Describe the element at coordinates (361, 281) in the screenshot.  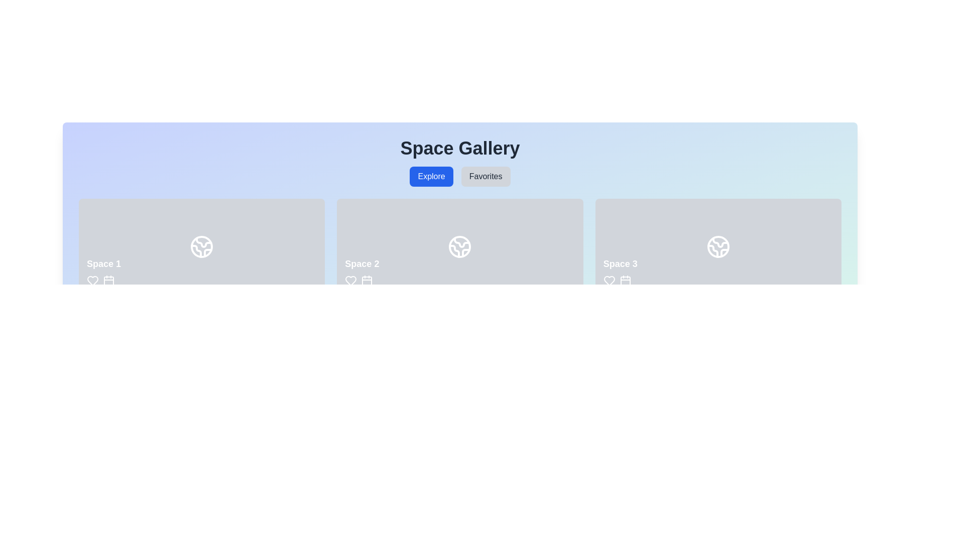
I see `the group of action icons located at the bottom-left corner of the 'Space 2' card, beneath the text 'Space 2'` at that location.